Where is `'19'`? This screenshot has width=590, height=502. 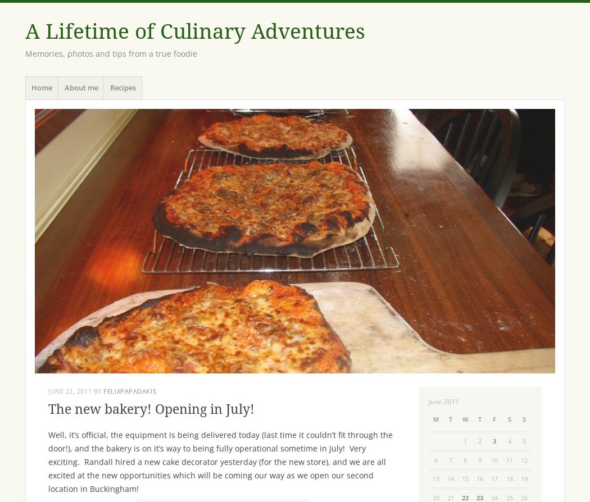
'19' is located at coordinates (523, 478).